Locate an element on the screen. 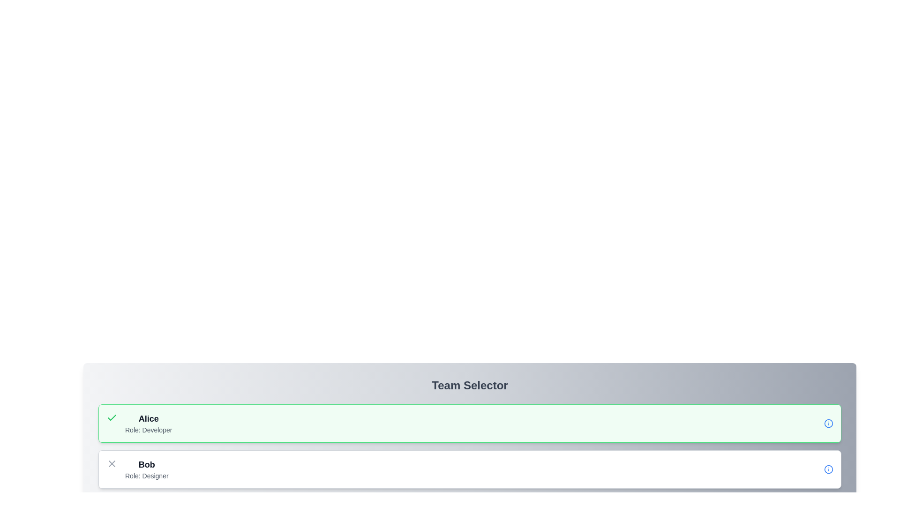 The image size is (900, 506). the green-highlighted box labeled 'Alice Role: Developer' surrounding the green checkmark icon, indicating completion is located at coordinates (112, 417).